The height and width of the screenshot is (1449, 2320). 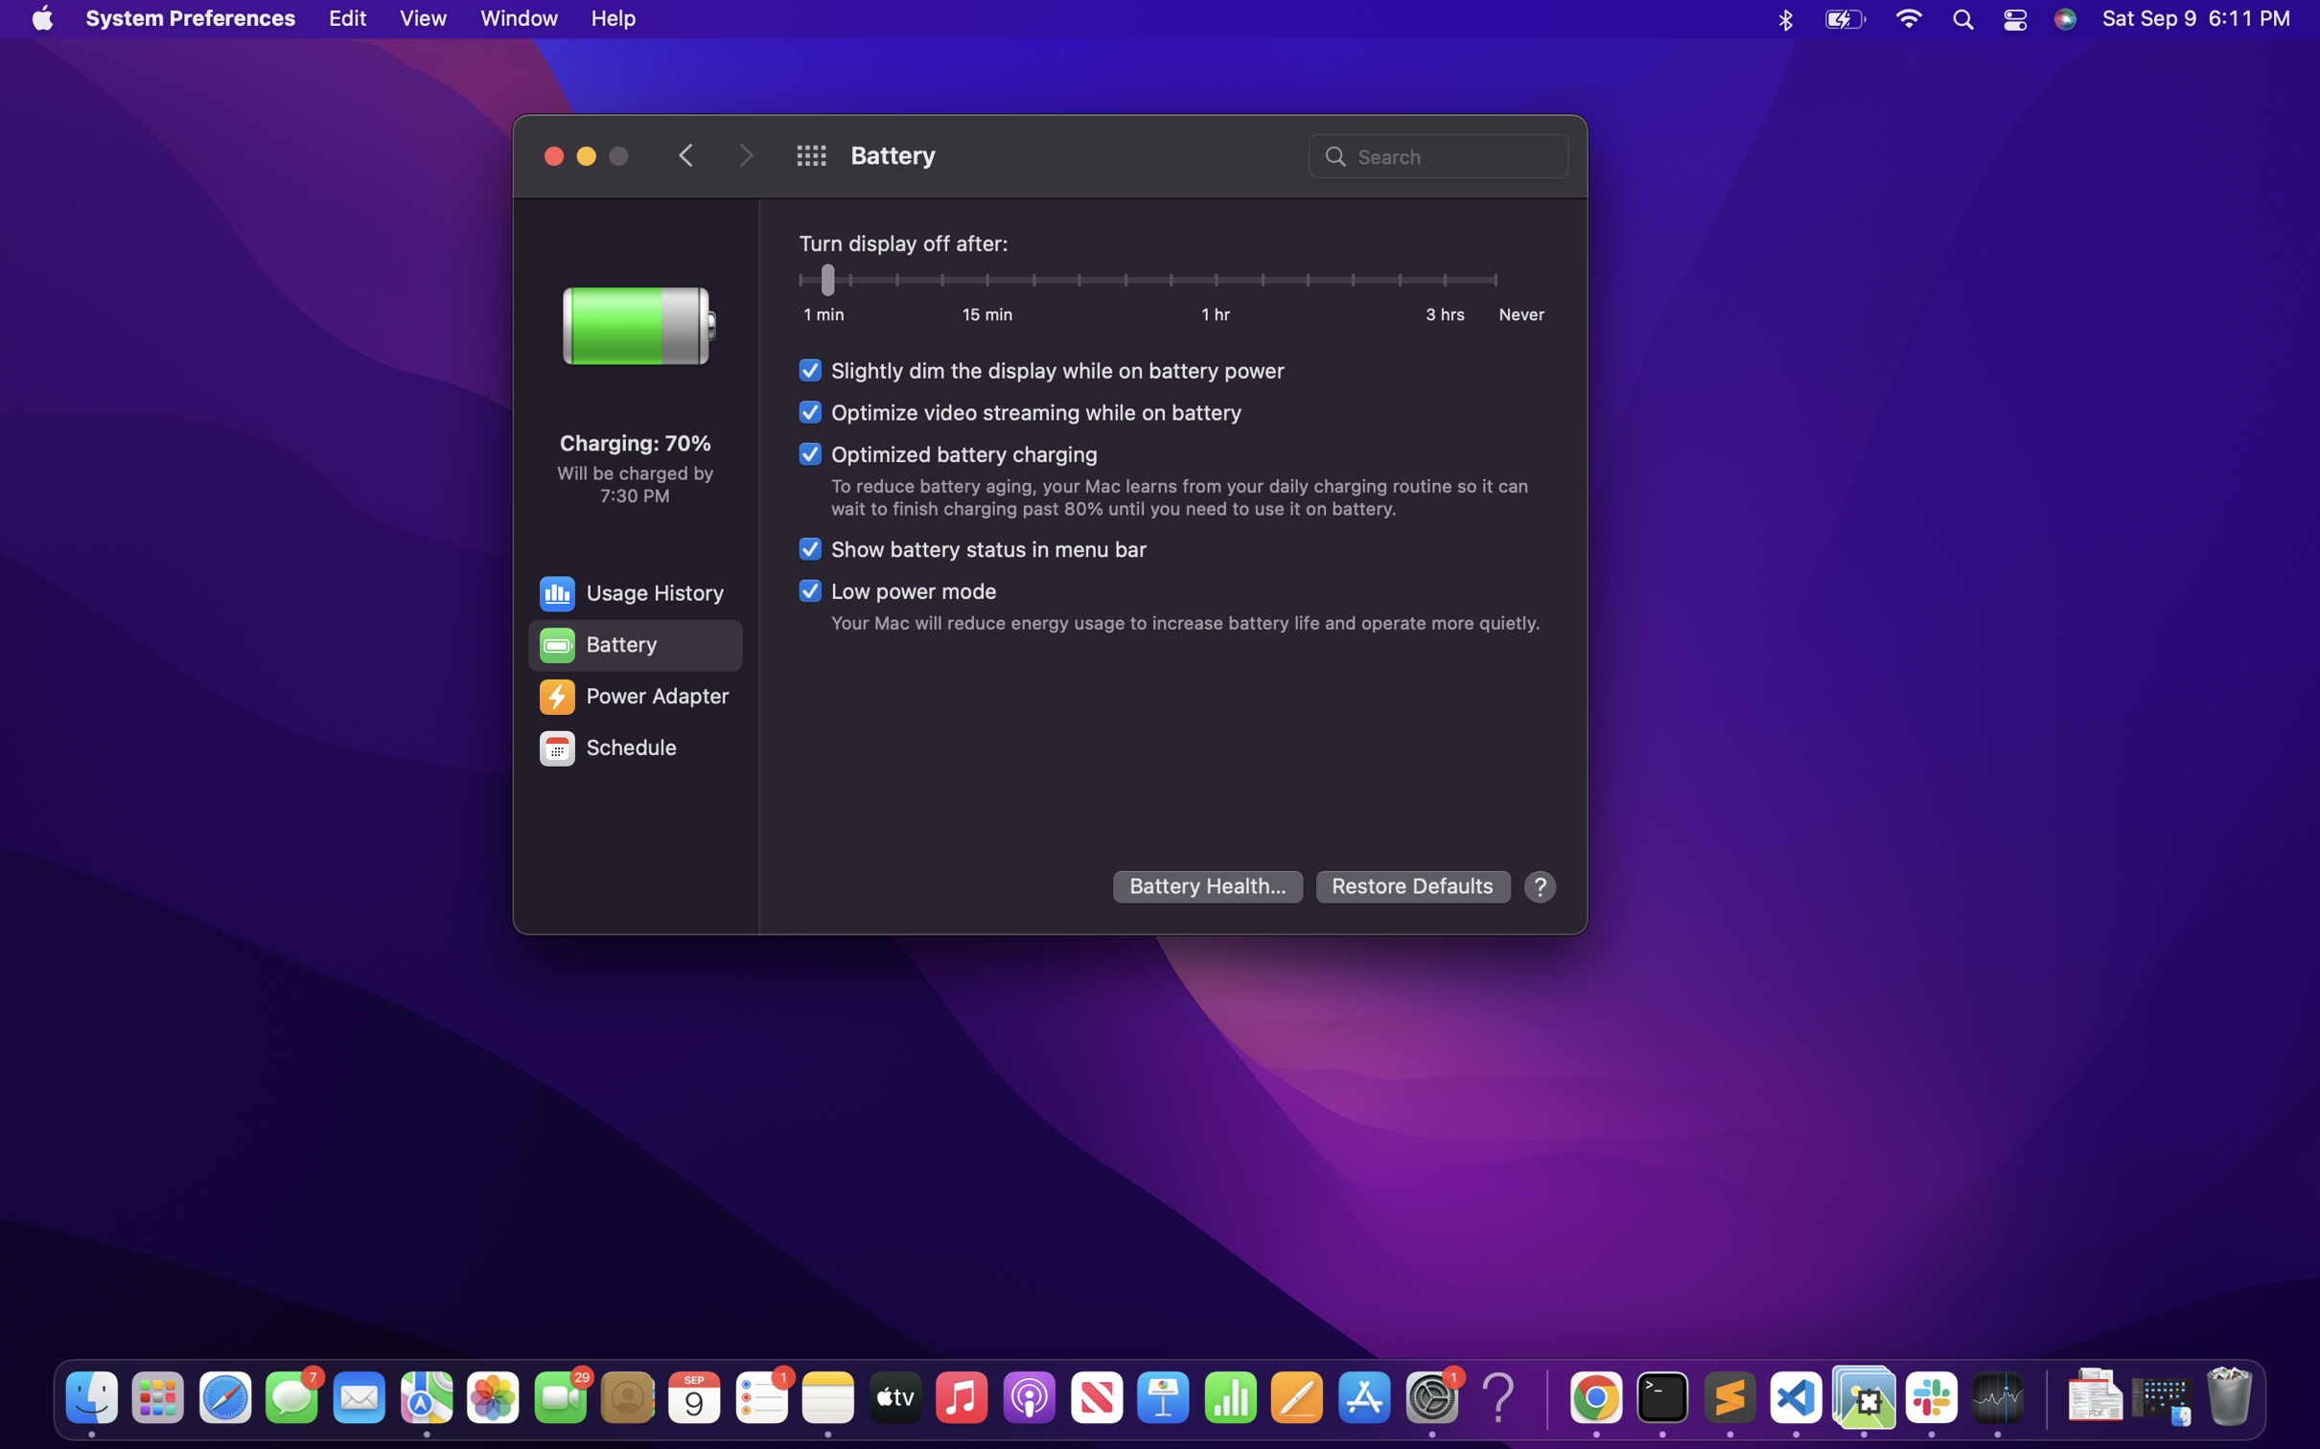 I want to click on the "optimized battery charging" option, so click(x=945, y=453).